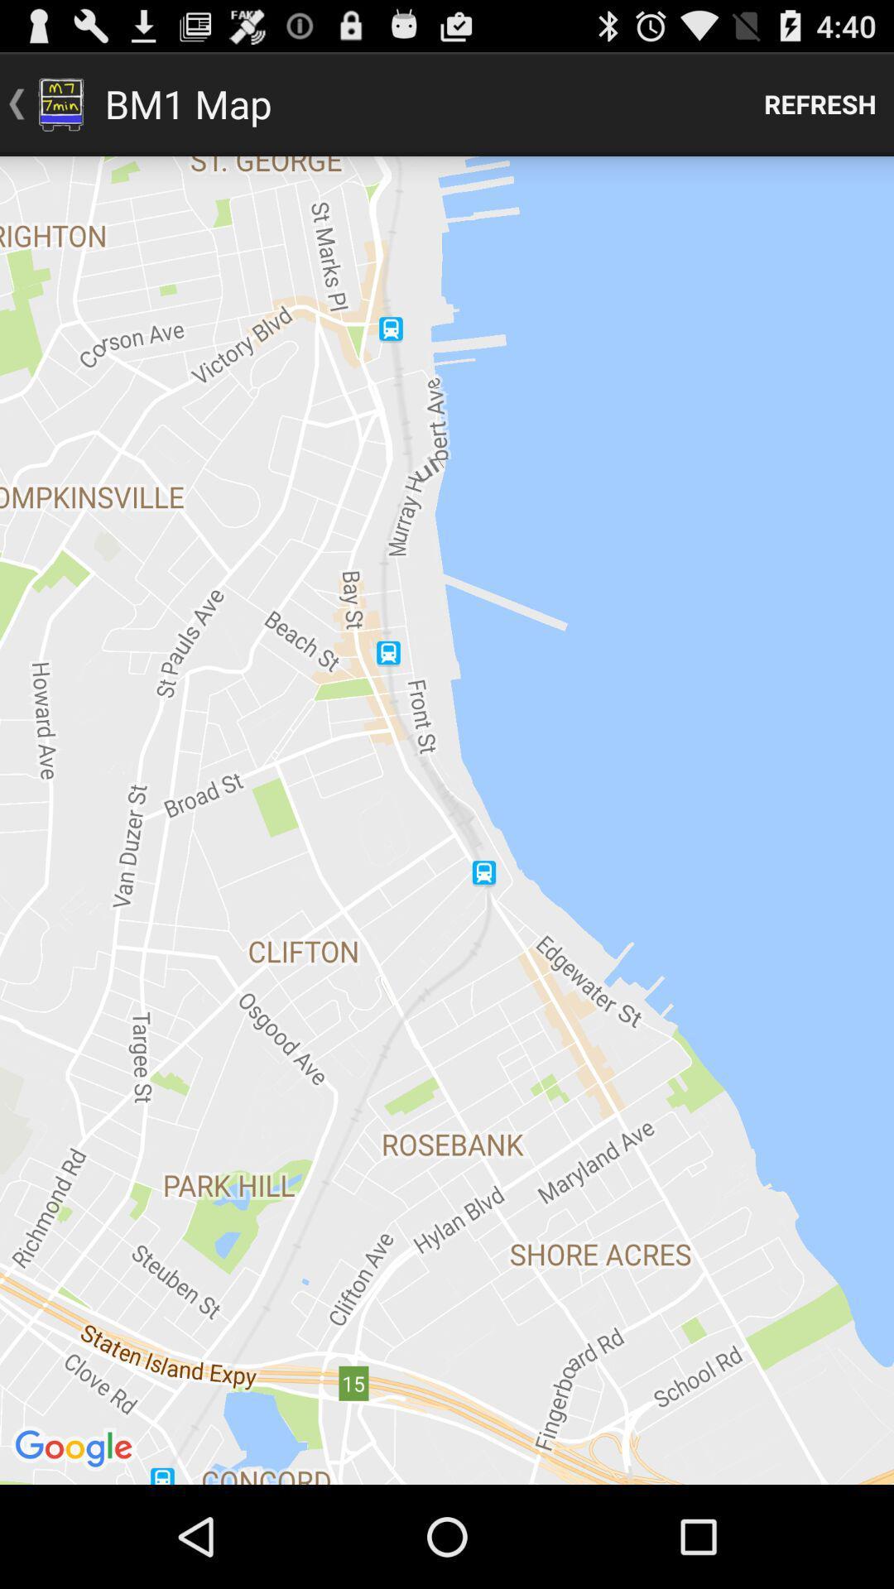 The height and width of the screenshot is (1589, 894). I want to click on item next to bm1 map app, so click(820, 103).